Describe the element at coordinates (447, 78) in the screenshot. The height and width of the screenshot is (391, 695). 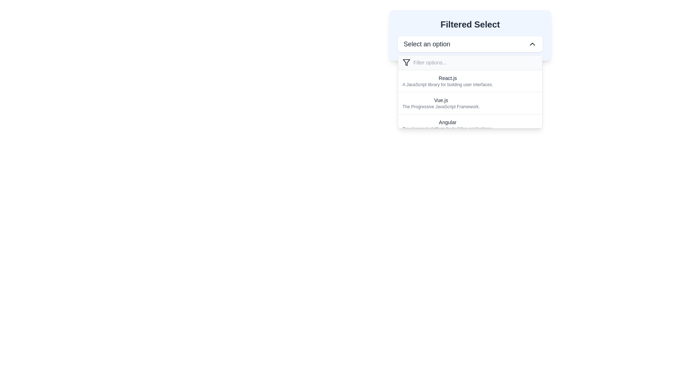
I see `the 'React.js' text label located at the top of the dropdown menu under 'Filtered Select' to interact with or select it` at that location.